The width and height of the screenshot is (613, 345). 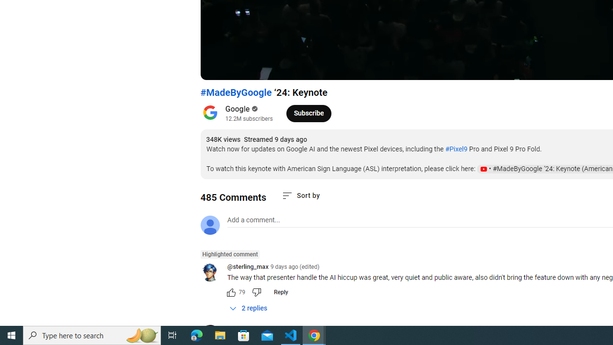 What do you see at coordinates (210, 225) in the screenshot?
I see `'Default profile photo'` at bounding box center [210, 225].